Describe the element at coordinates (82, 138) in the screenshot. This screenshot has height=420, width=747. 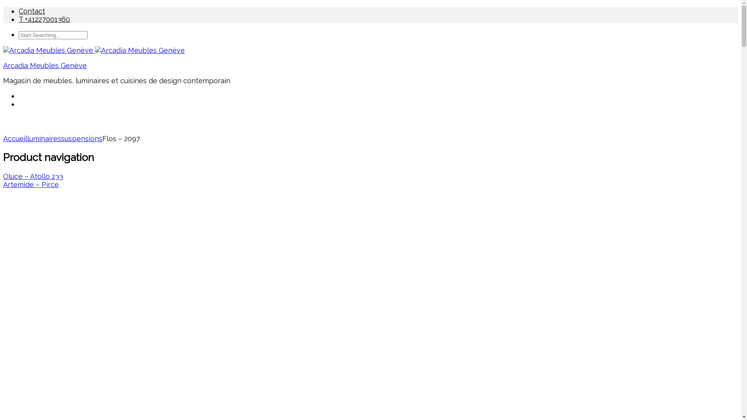
I see `'suspensions'` at that location.